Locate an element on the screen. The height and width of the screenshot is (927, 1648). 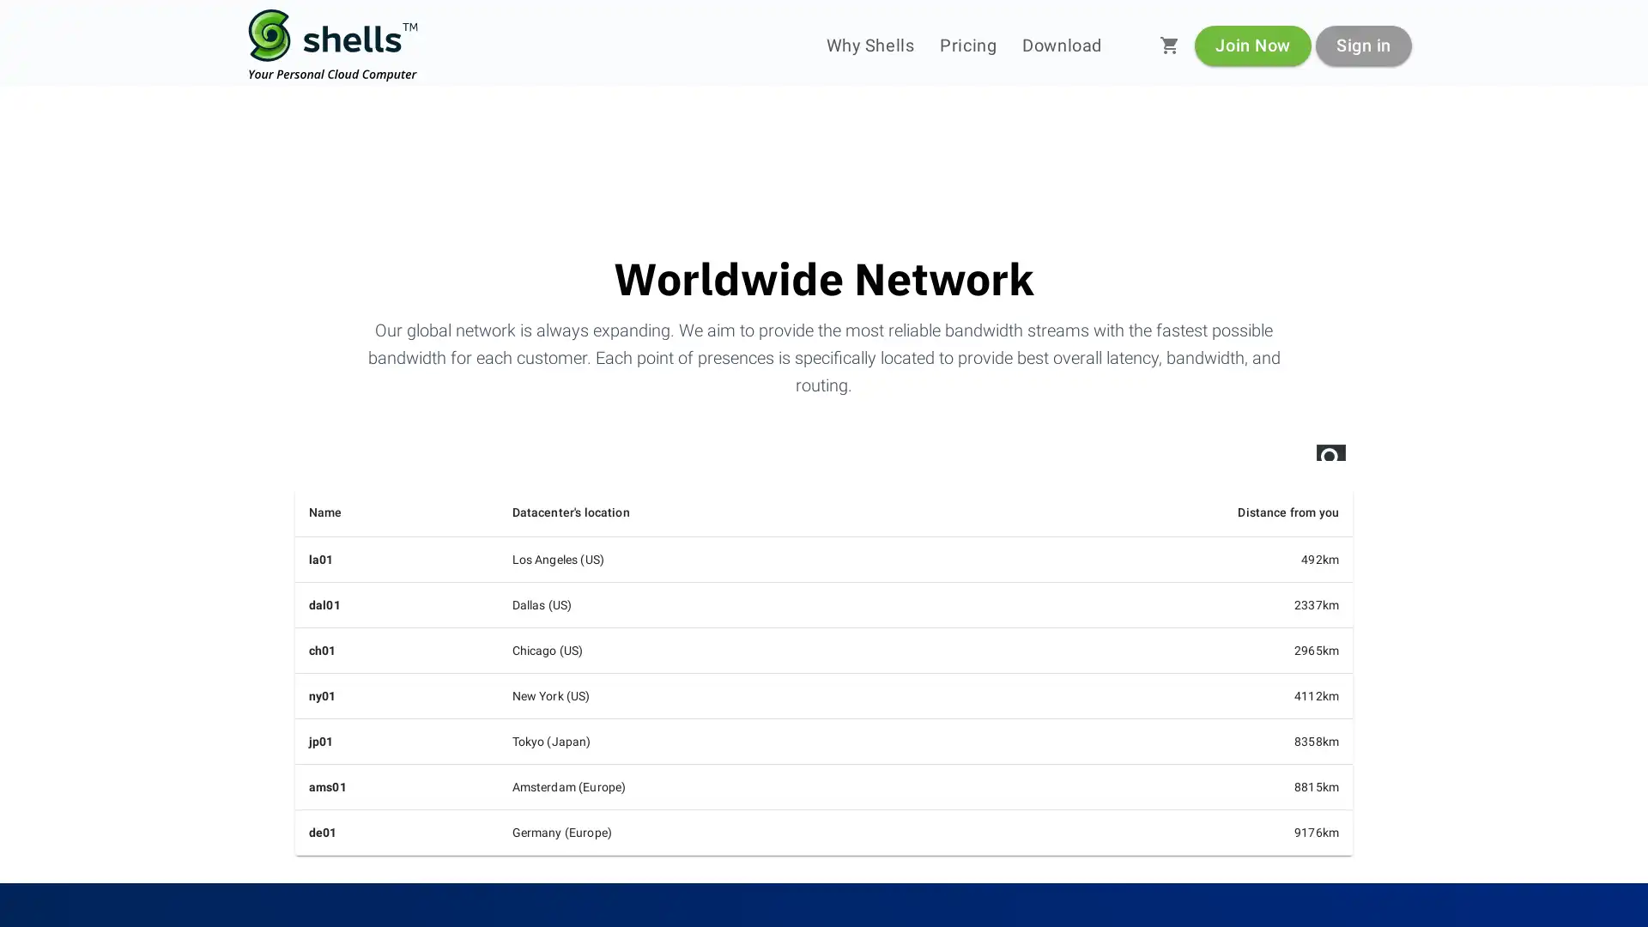
Shells Logo is located at coordinates (333, 45).